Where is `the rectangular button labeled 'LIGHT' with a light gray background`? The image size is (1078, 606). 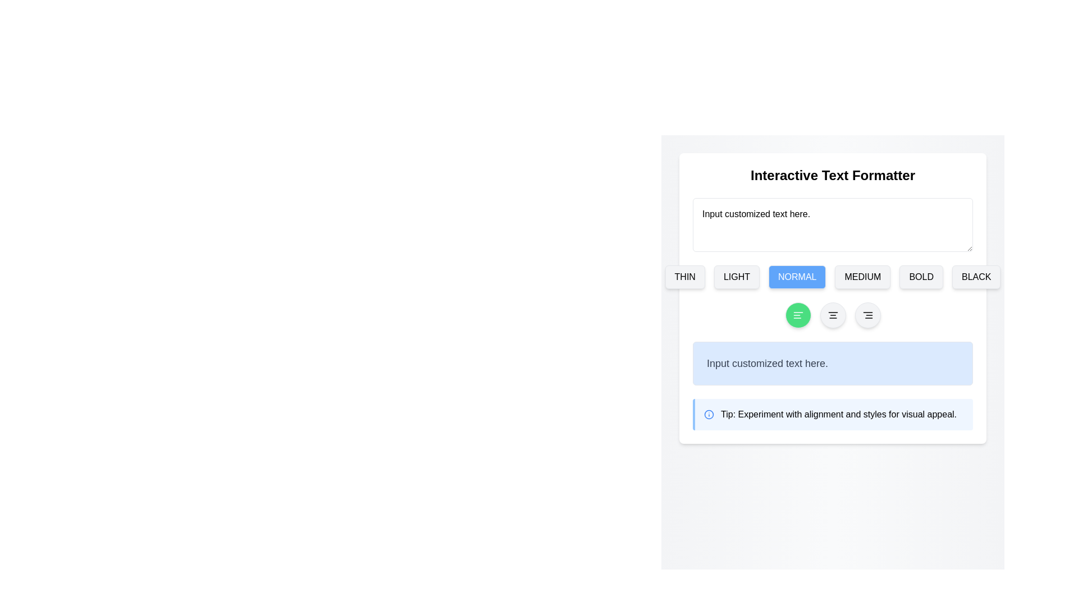
the rectangular button labeled 'LIGHT' with a light gray background is located at coordinates (737, 277).